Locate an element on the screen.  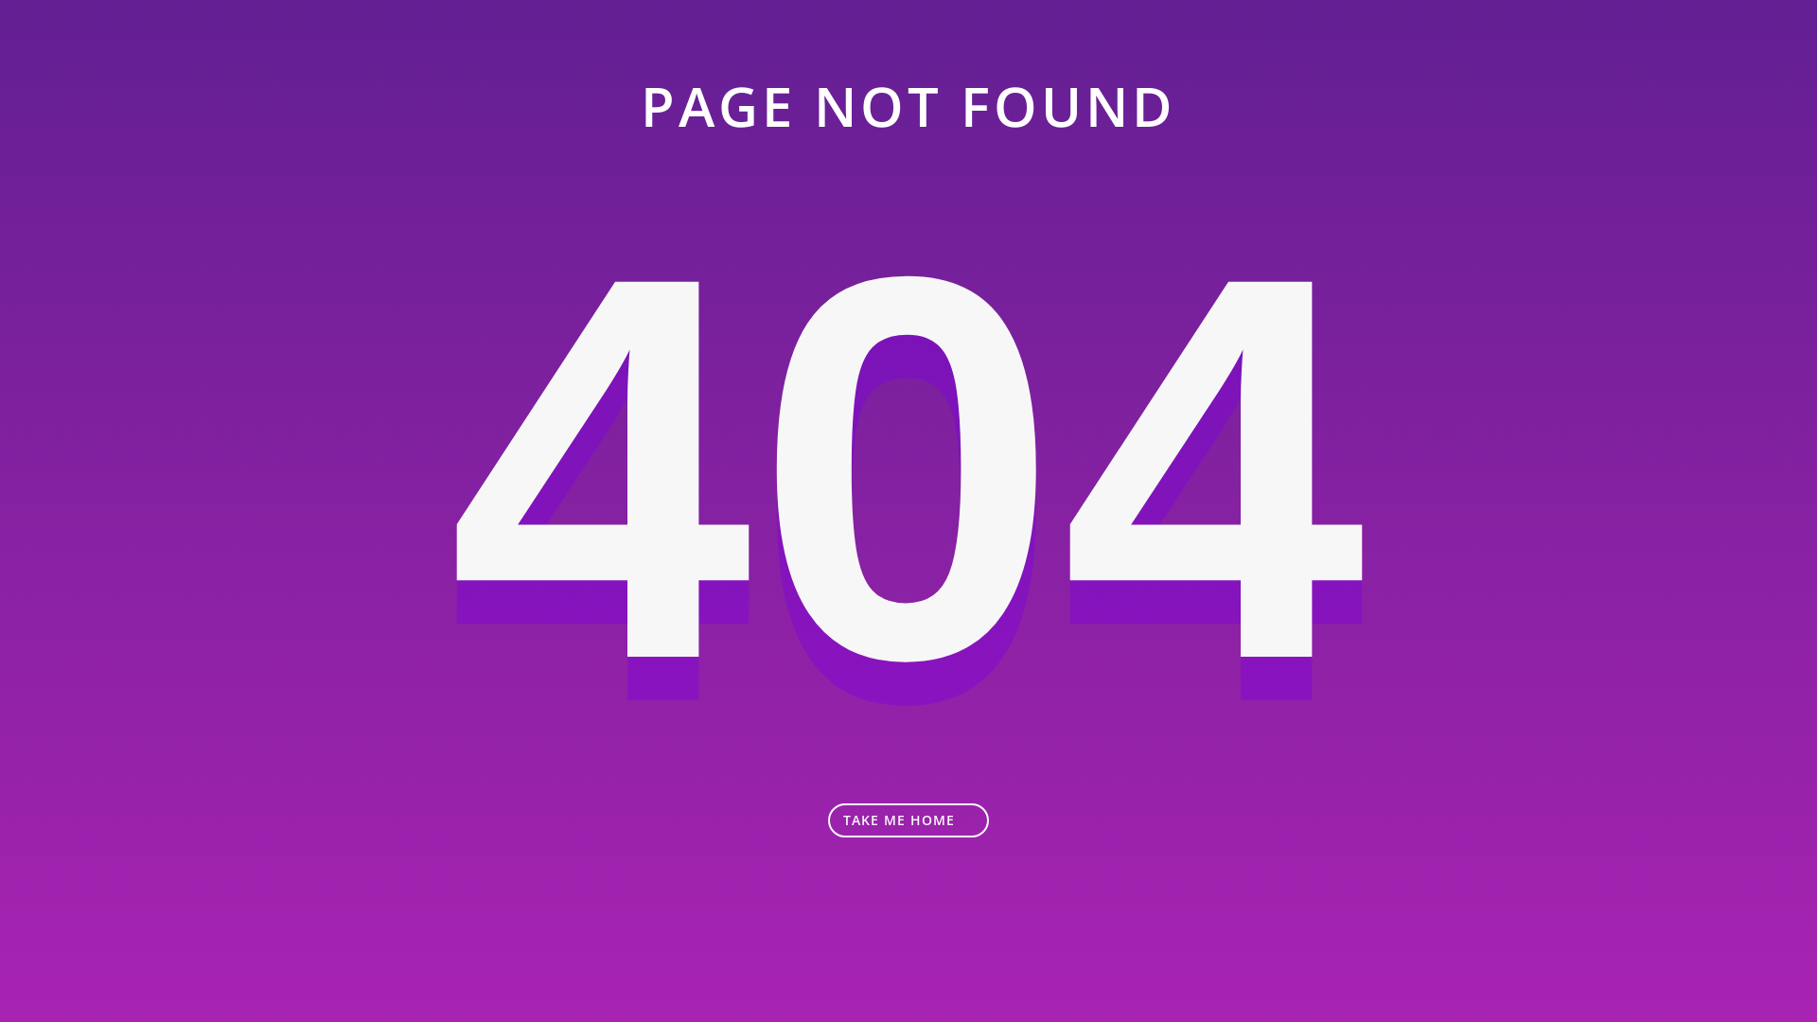
'TAKE ME HOME' is located at coordinates (908, 819).